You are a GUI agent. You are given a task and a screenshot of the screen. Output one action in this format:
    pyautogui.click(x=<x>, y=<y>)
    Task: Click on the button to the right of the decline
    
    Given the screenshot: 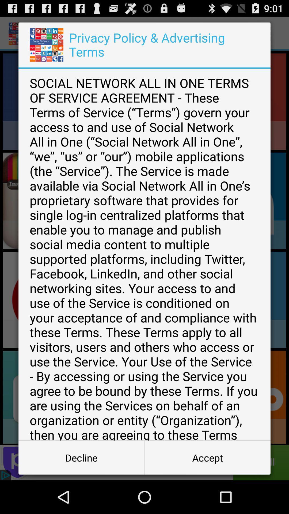 What is the action you would take?
    pyautogui.click(x=207, y=457)
    